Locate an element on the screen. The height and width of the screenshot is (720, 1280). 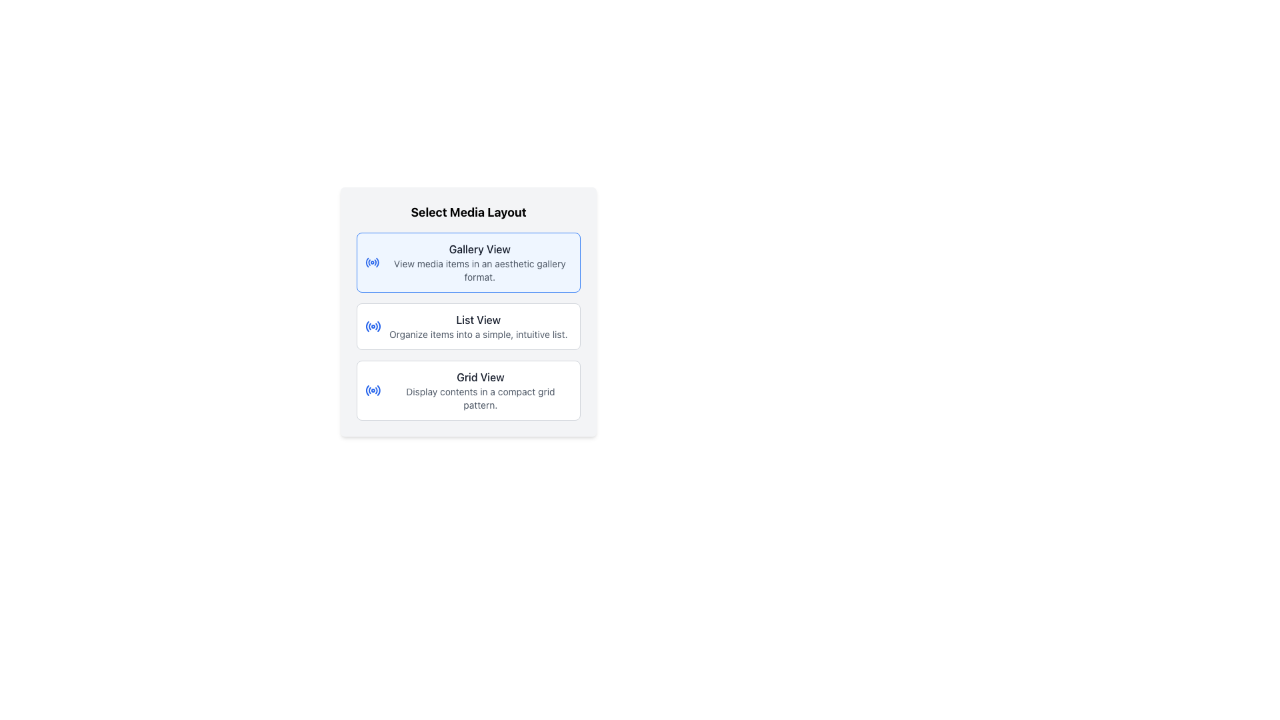
the middle button for selecting the list view layout, which is positioned between the 'Gallery View' and 'Grid View' options is located at coordinates (468, 326).